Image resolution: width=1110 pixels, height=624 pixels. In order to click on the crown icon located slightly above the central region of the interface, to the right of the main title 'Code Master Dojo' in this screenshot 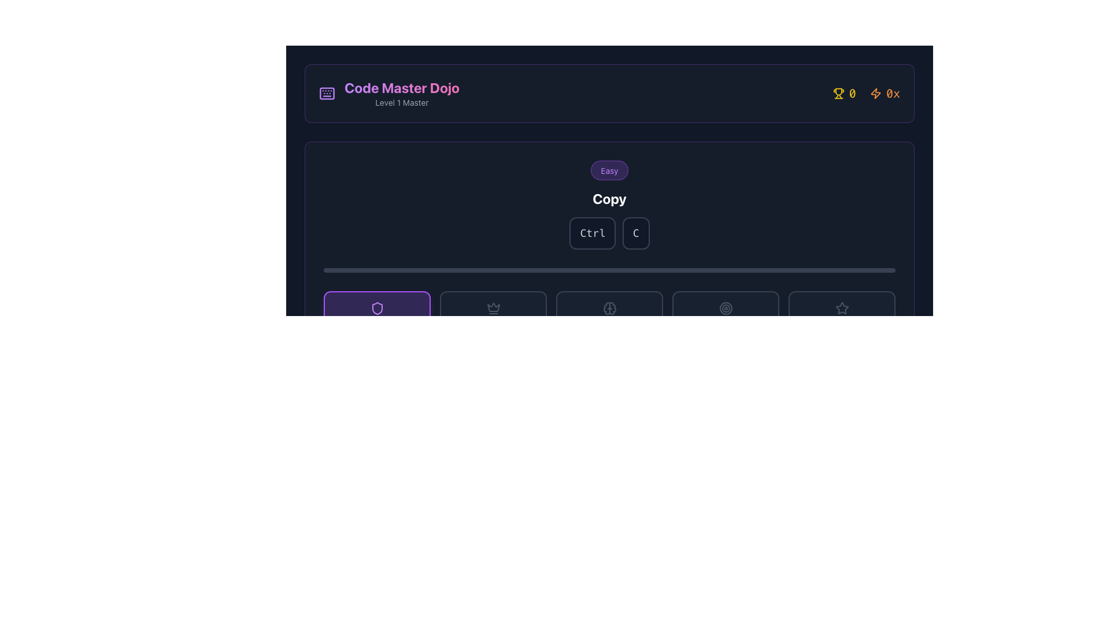, I will do `click(493, 307)`.